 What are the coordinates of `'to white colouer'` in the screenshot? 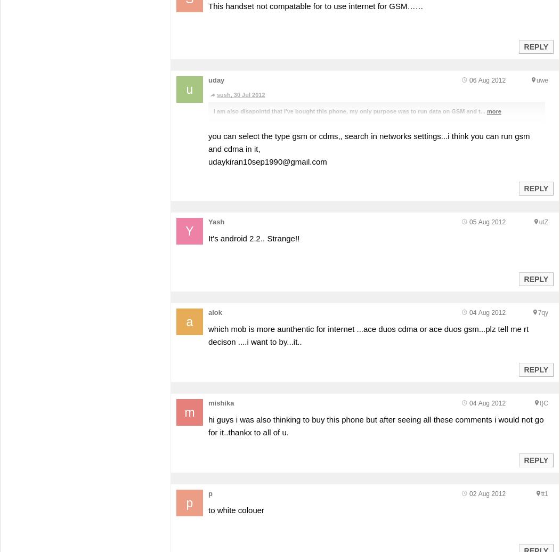 It's located at (236, 509).